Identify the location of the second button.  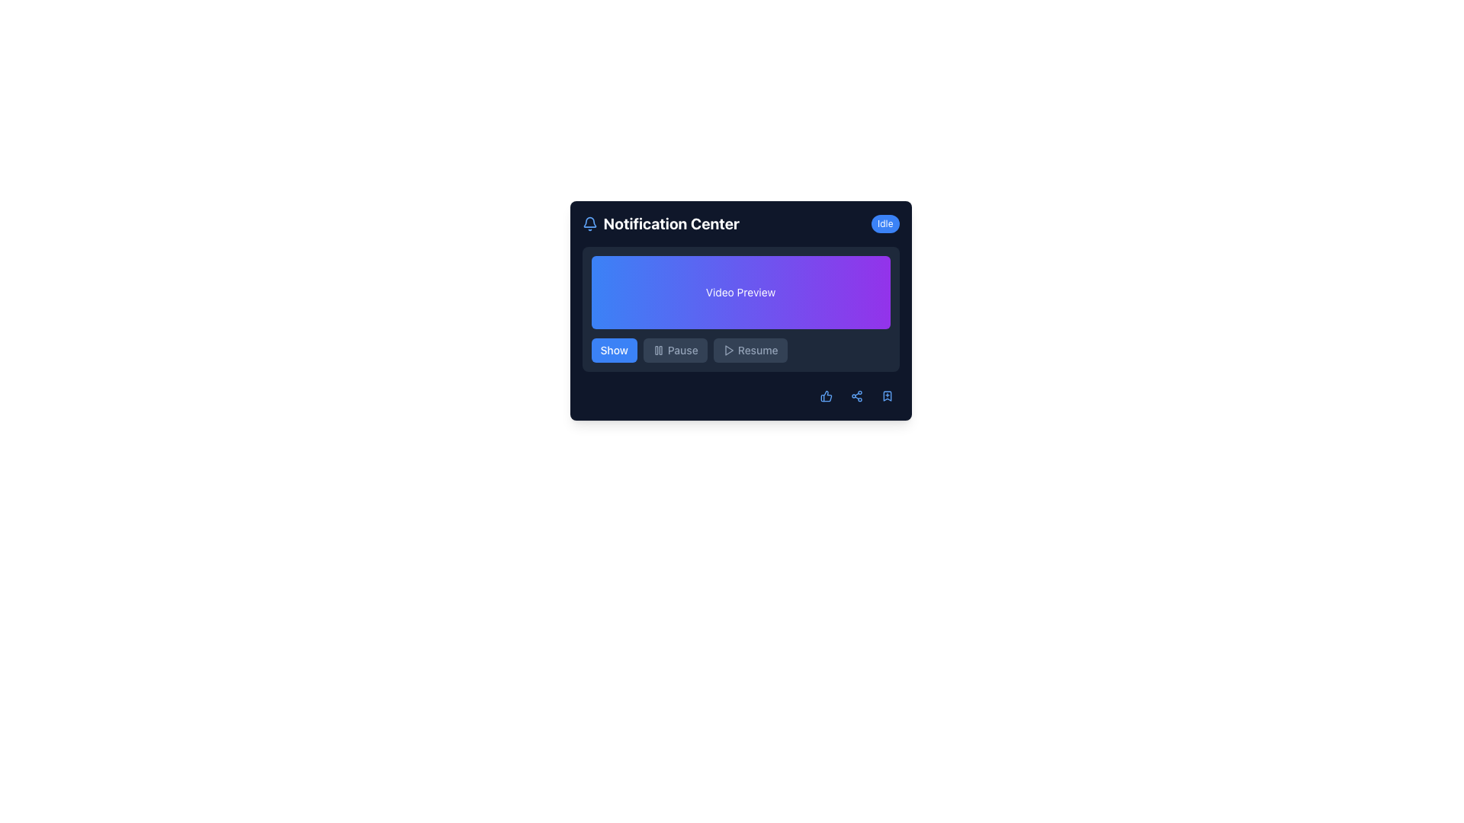
(689, 350).